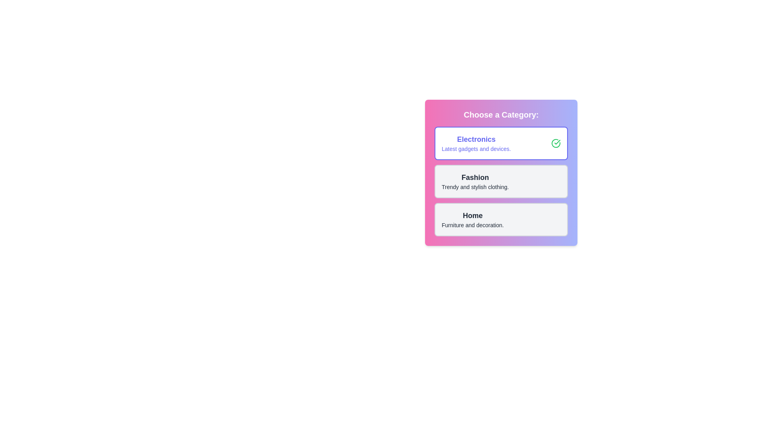 Image resolution: width=762 pixels, height=429 pixels. I want to click on the 'Electronics' text label, which serves as a selectable category header in the first position of a vertical list of category selections, so click(476, 139).